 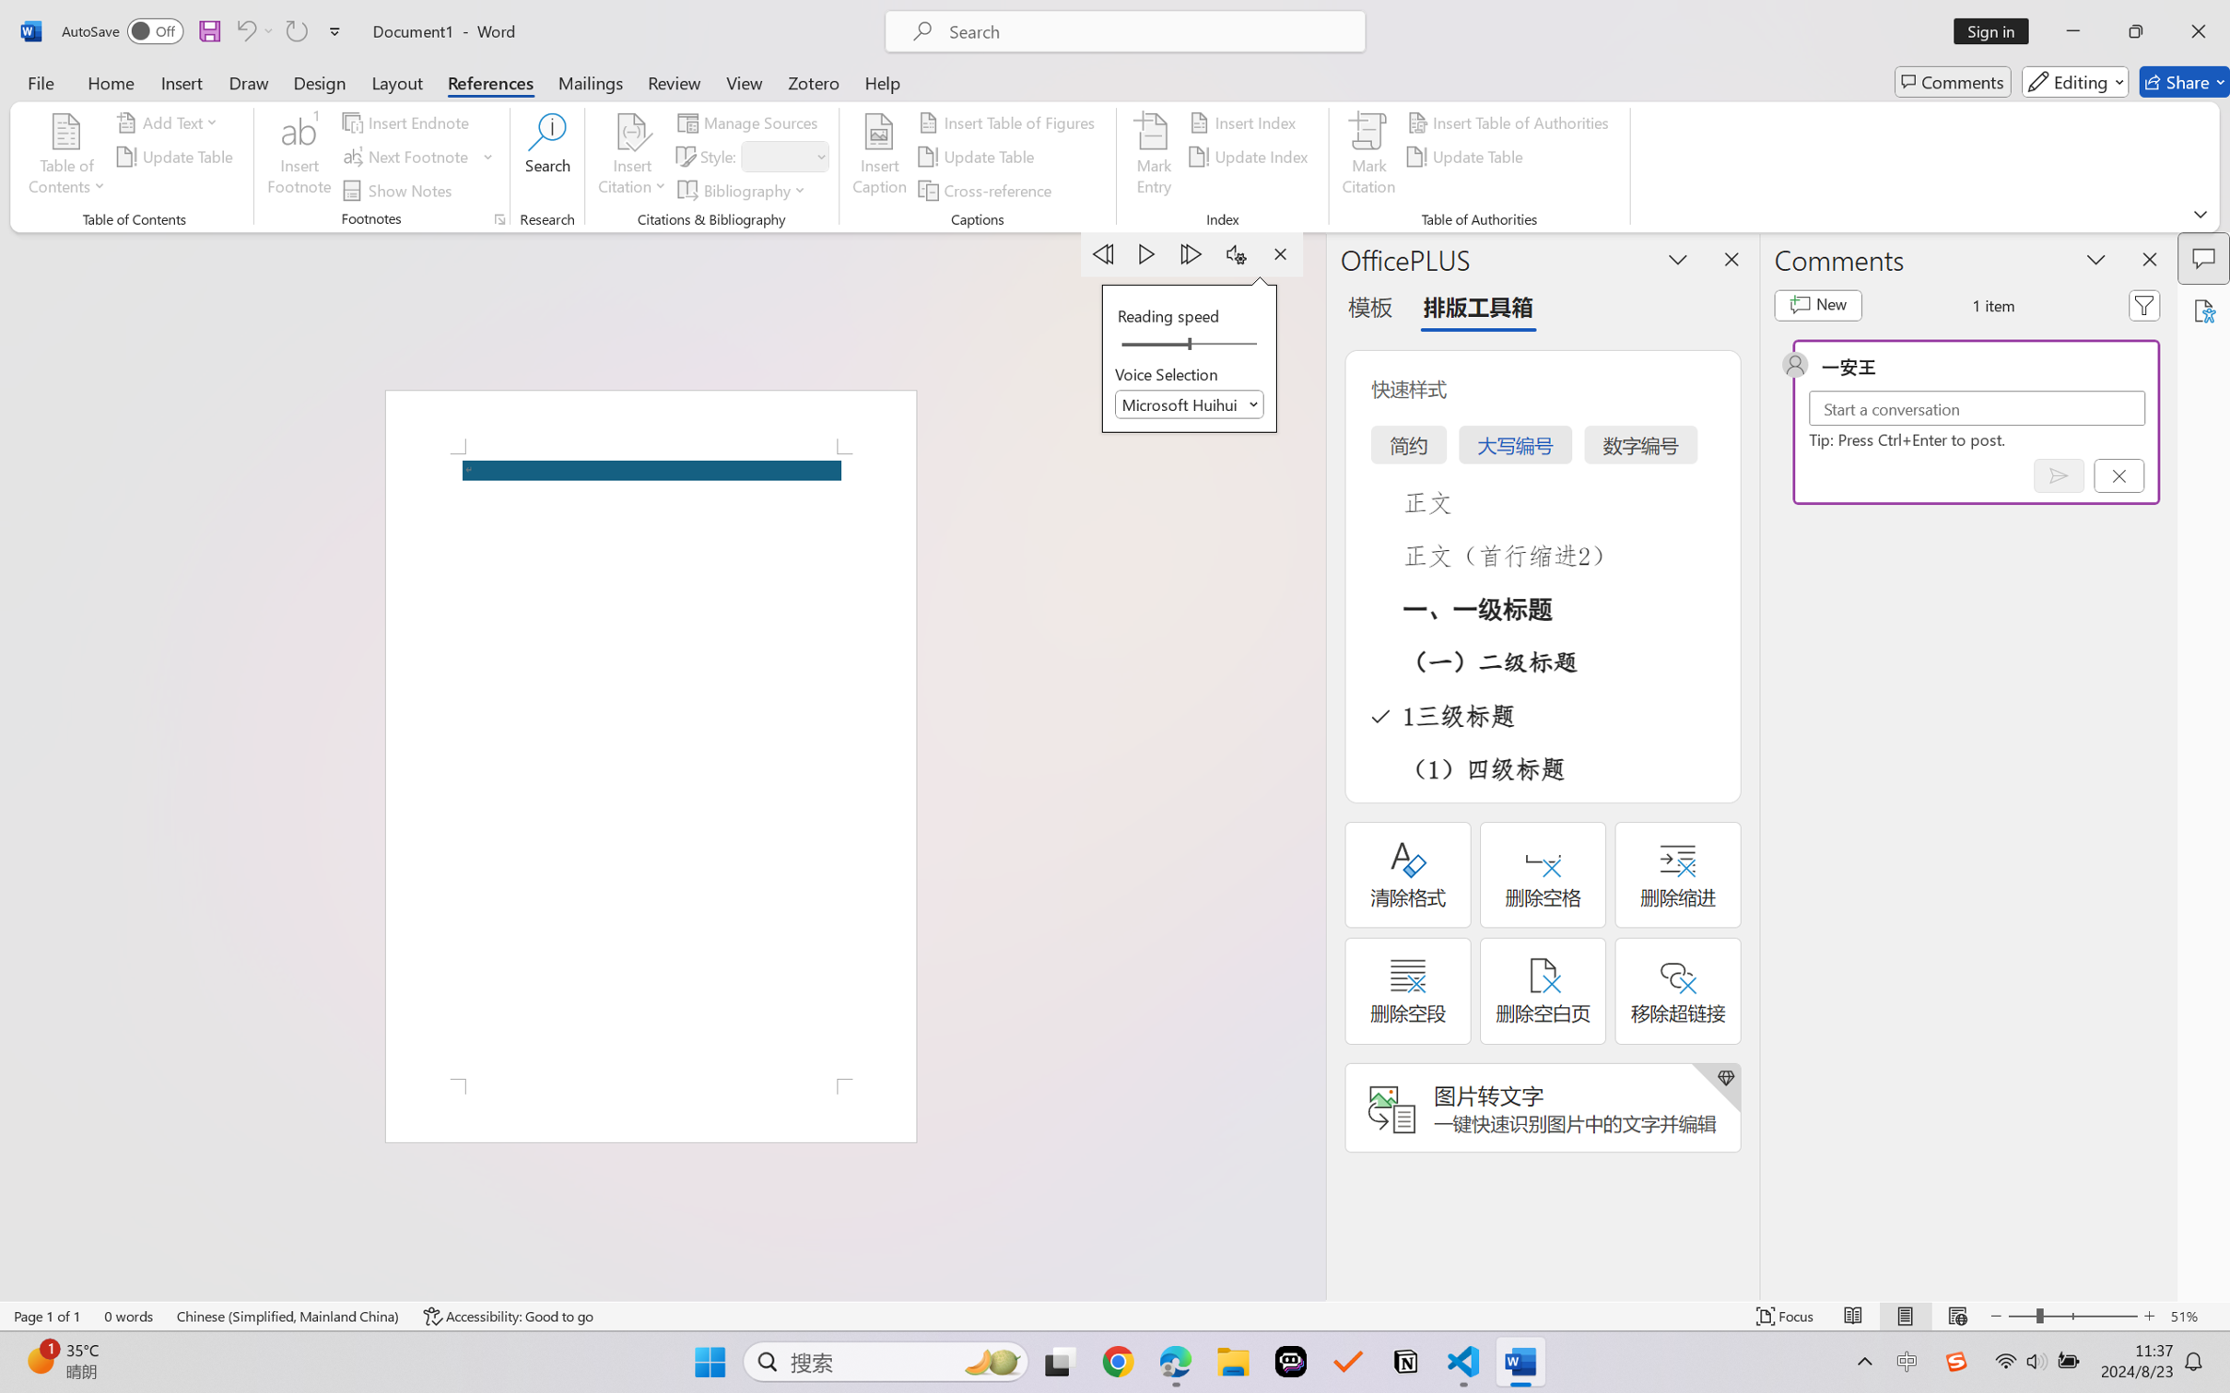 What do you see at coordinates (1510, 121) in the screenshot?
I see `'Insert Table of Authorities...'` at bounding box center [1510, 121].